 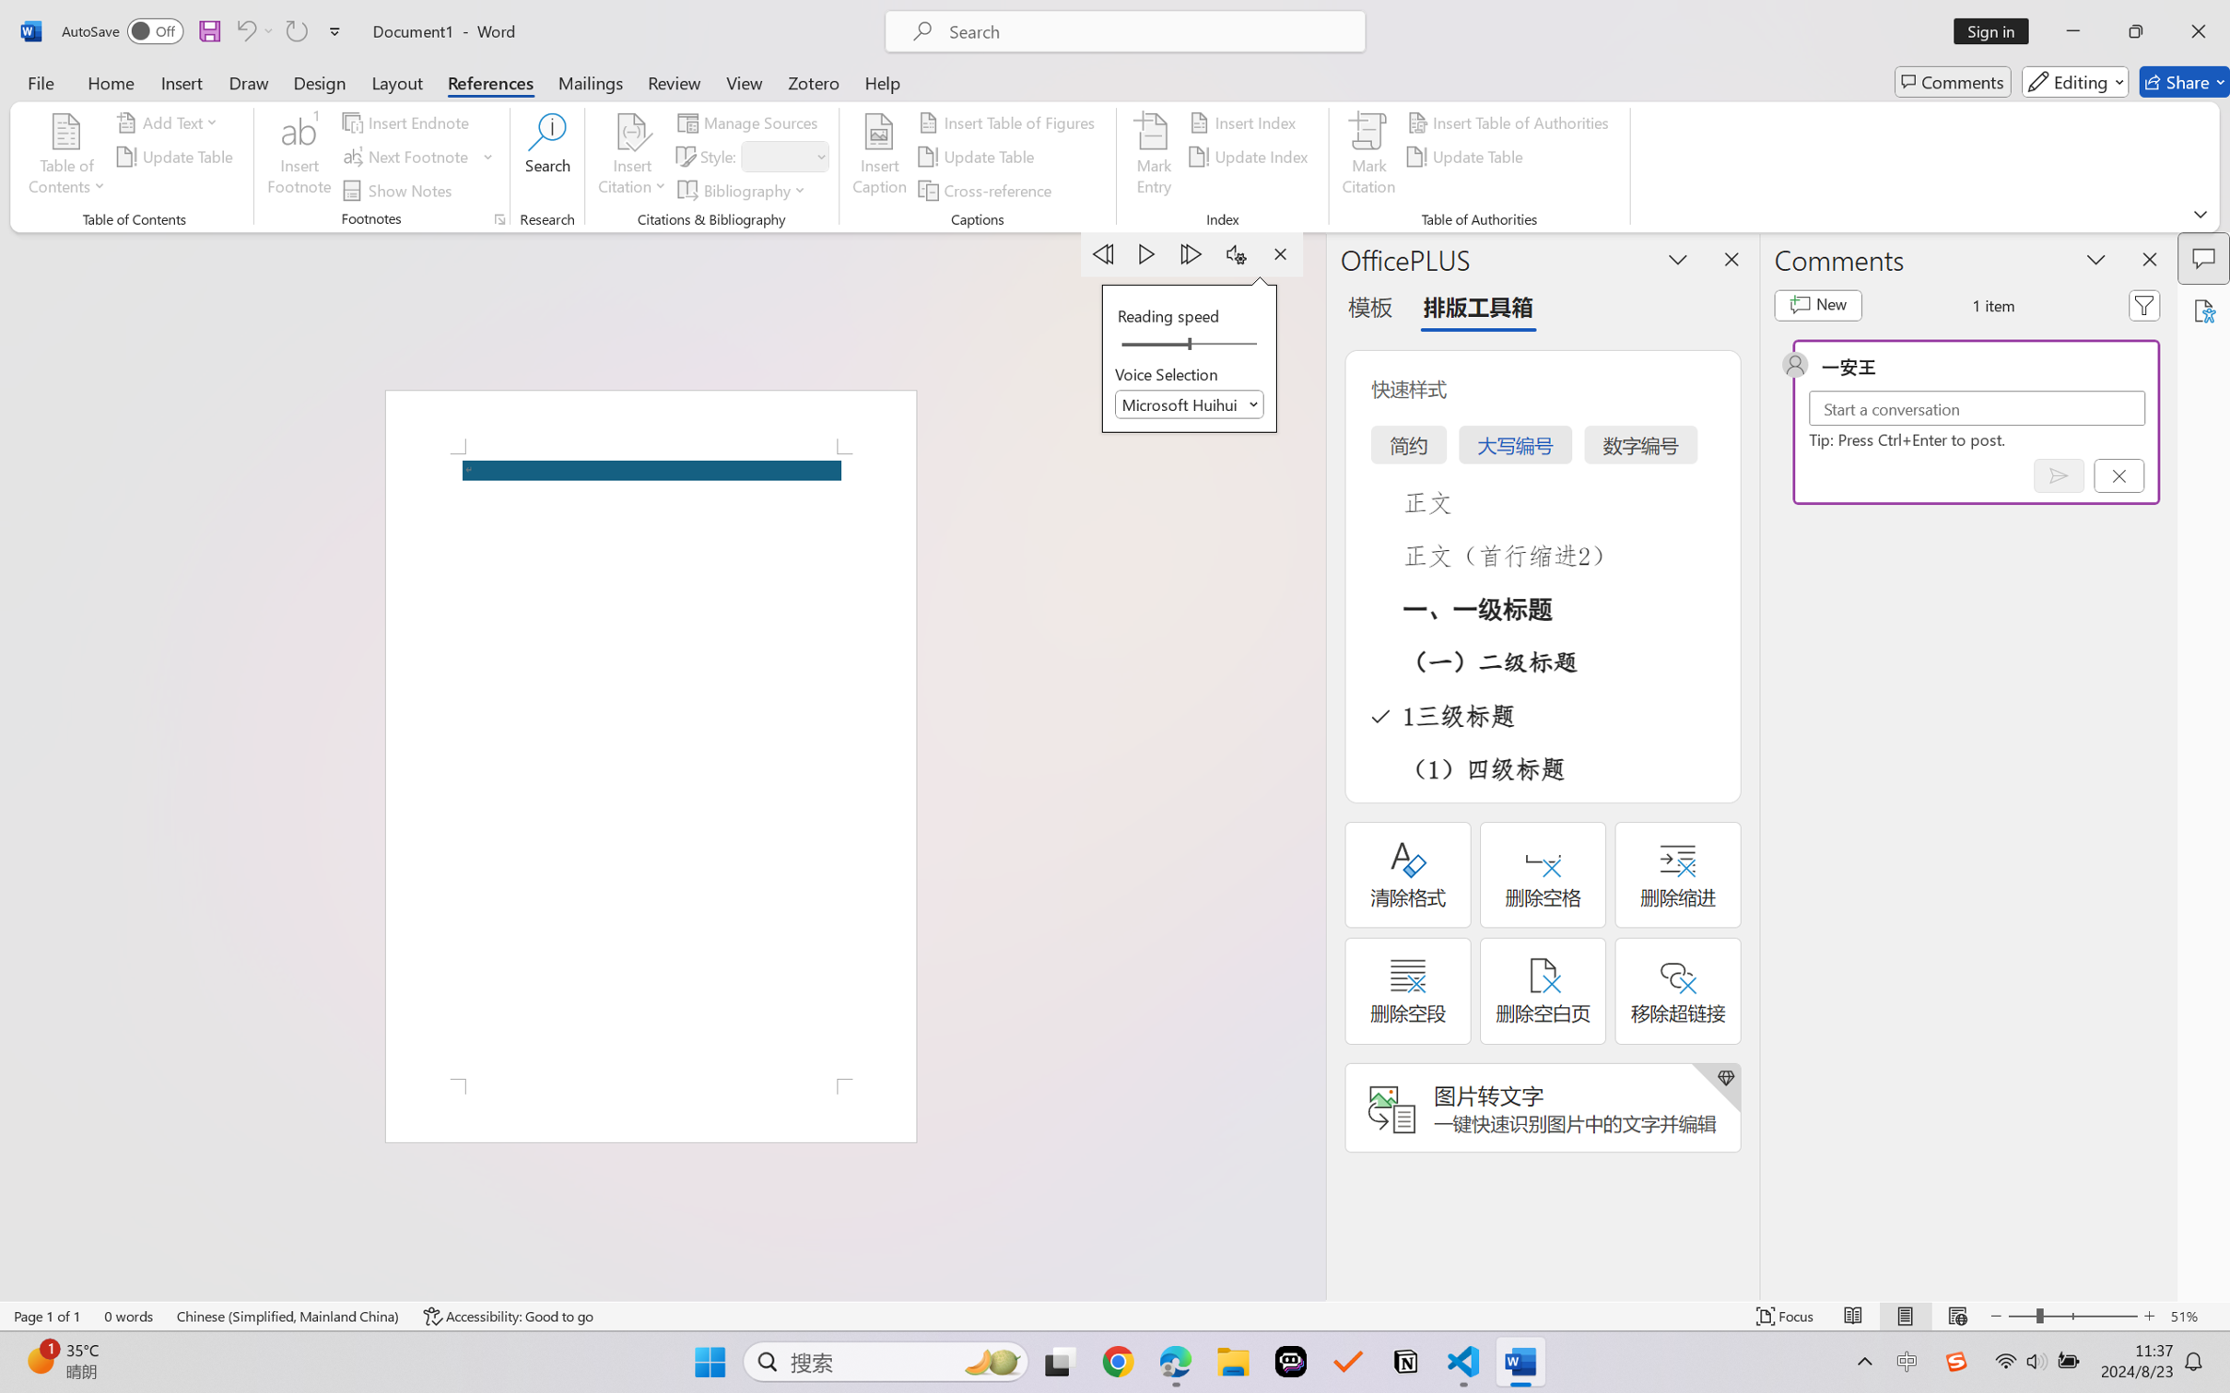 What do you see at coordinates (1510, 121) in the screenshot?
I see `'Insert Table of Authorities...'` at bounding box center [1510, 121].